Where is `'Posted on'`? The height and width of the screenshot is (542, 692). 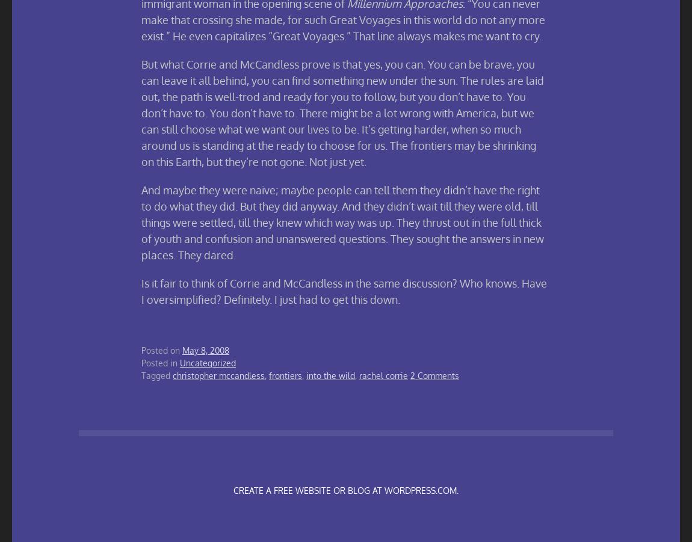
'Posted on' is located at coordinates (161, 350).